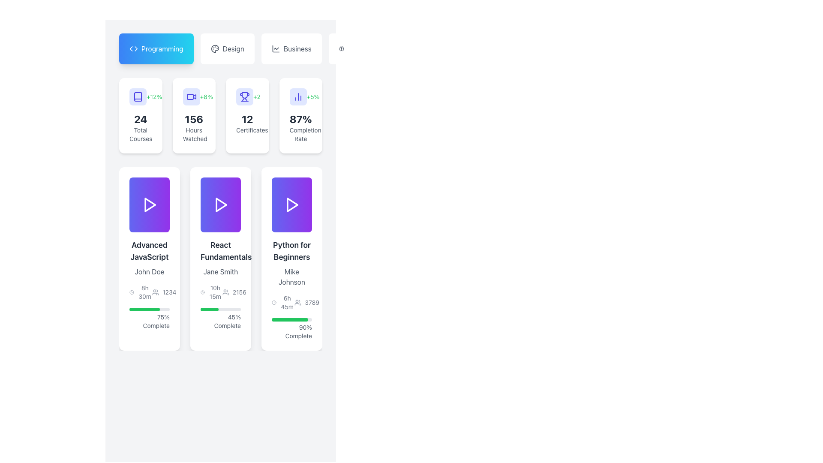  I want to click on the first button labeled for programming, positioned at the top section of the interface, so click(156, 49).